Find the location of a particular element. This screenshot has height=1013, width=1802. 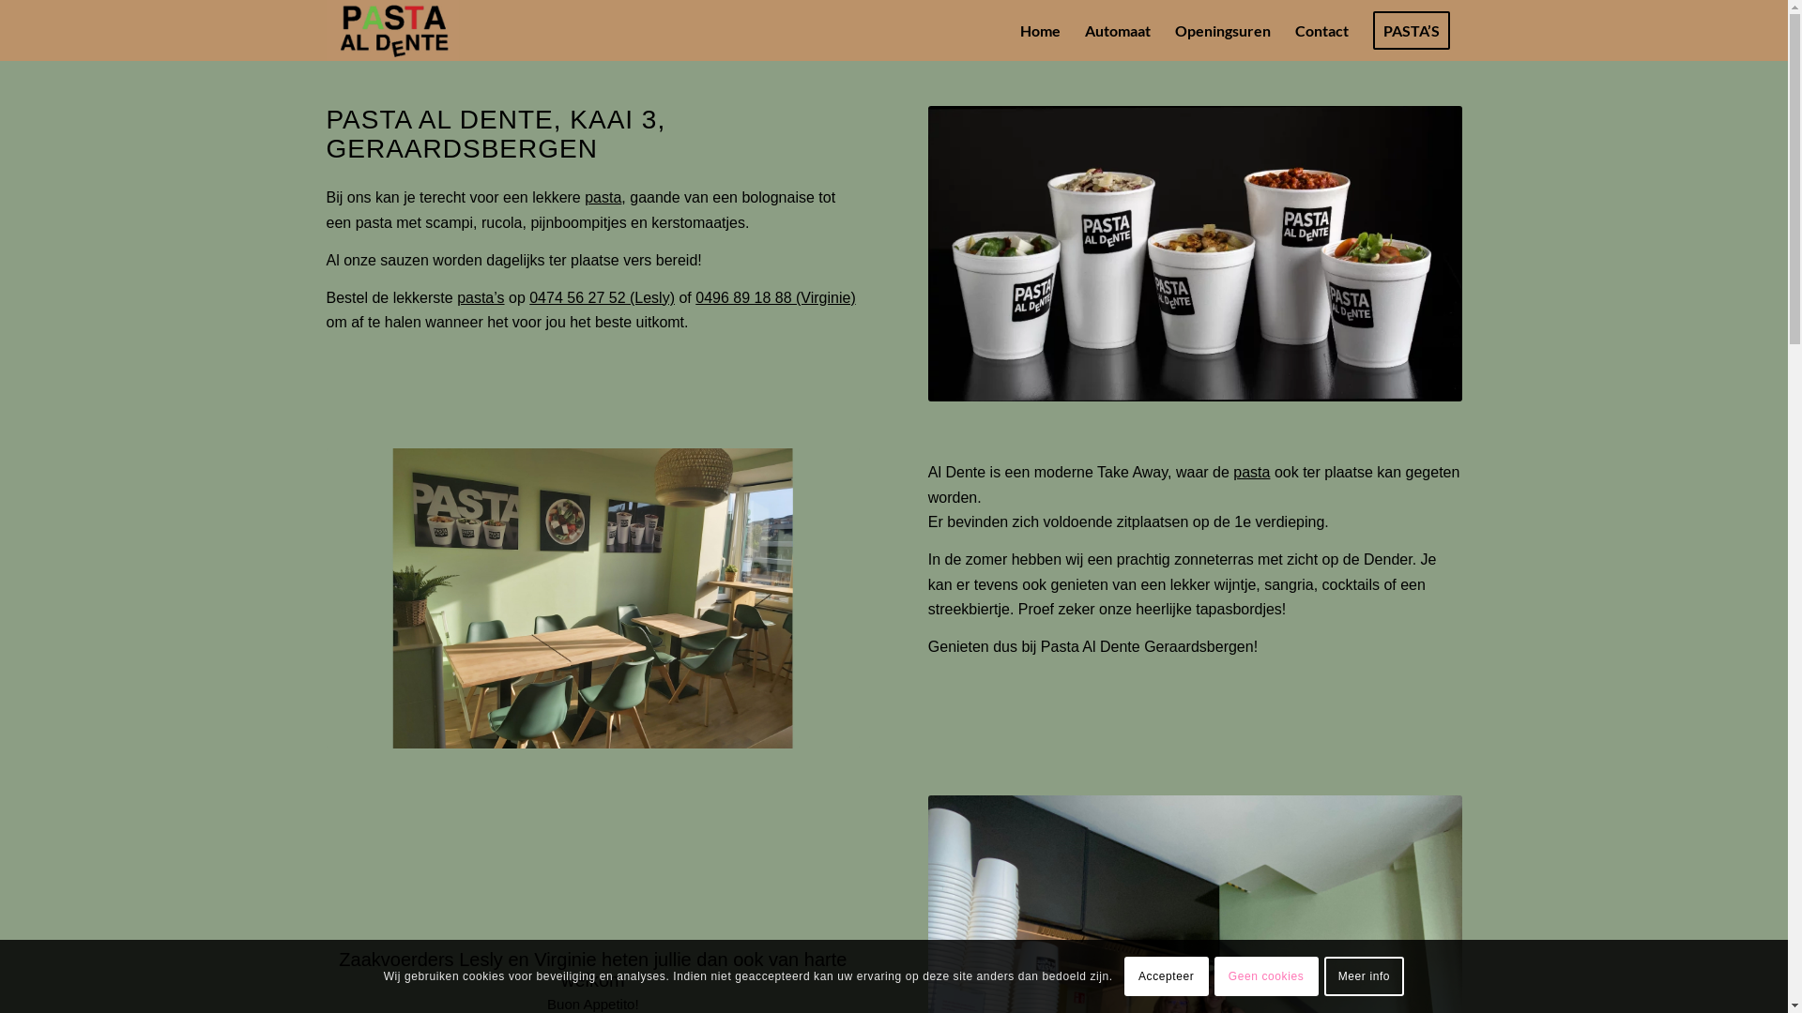

'Accepteer' is located at coordinates (1166, 975).